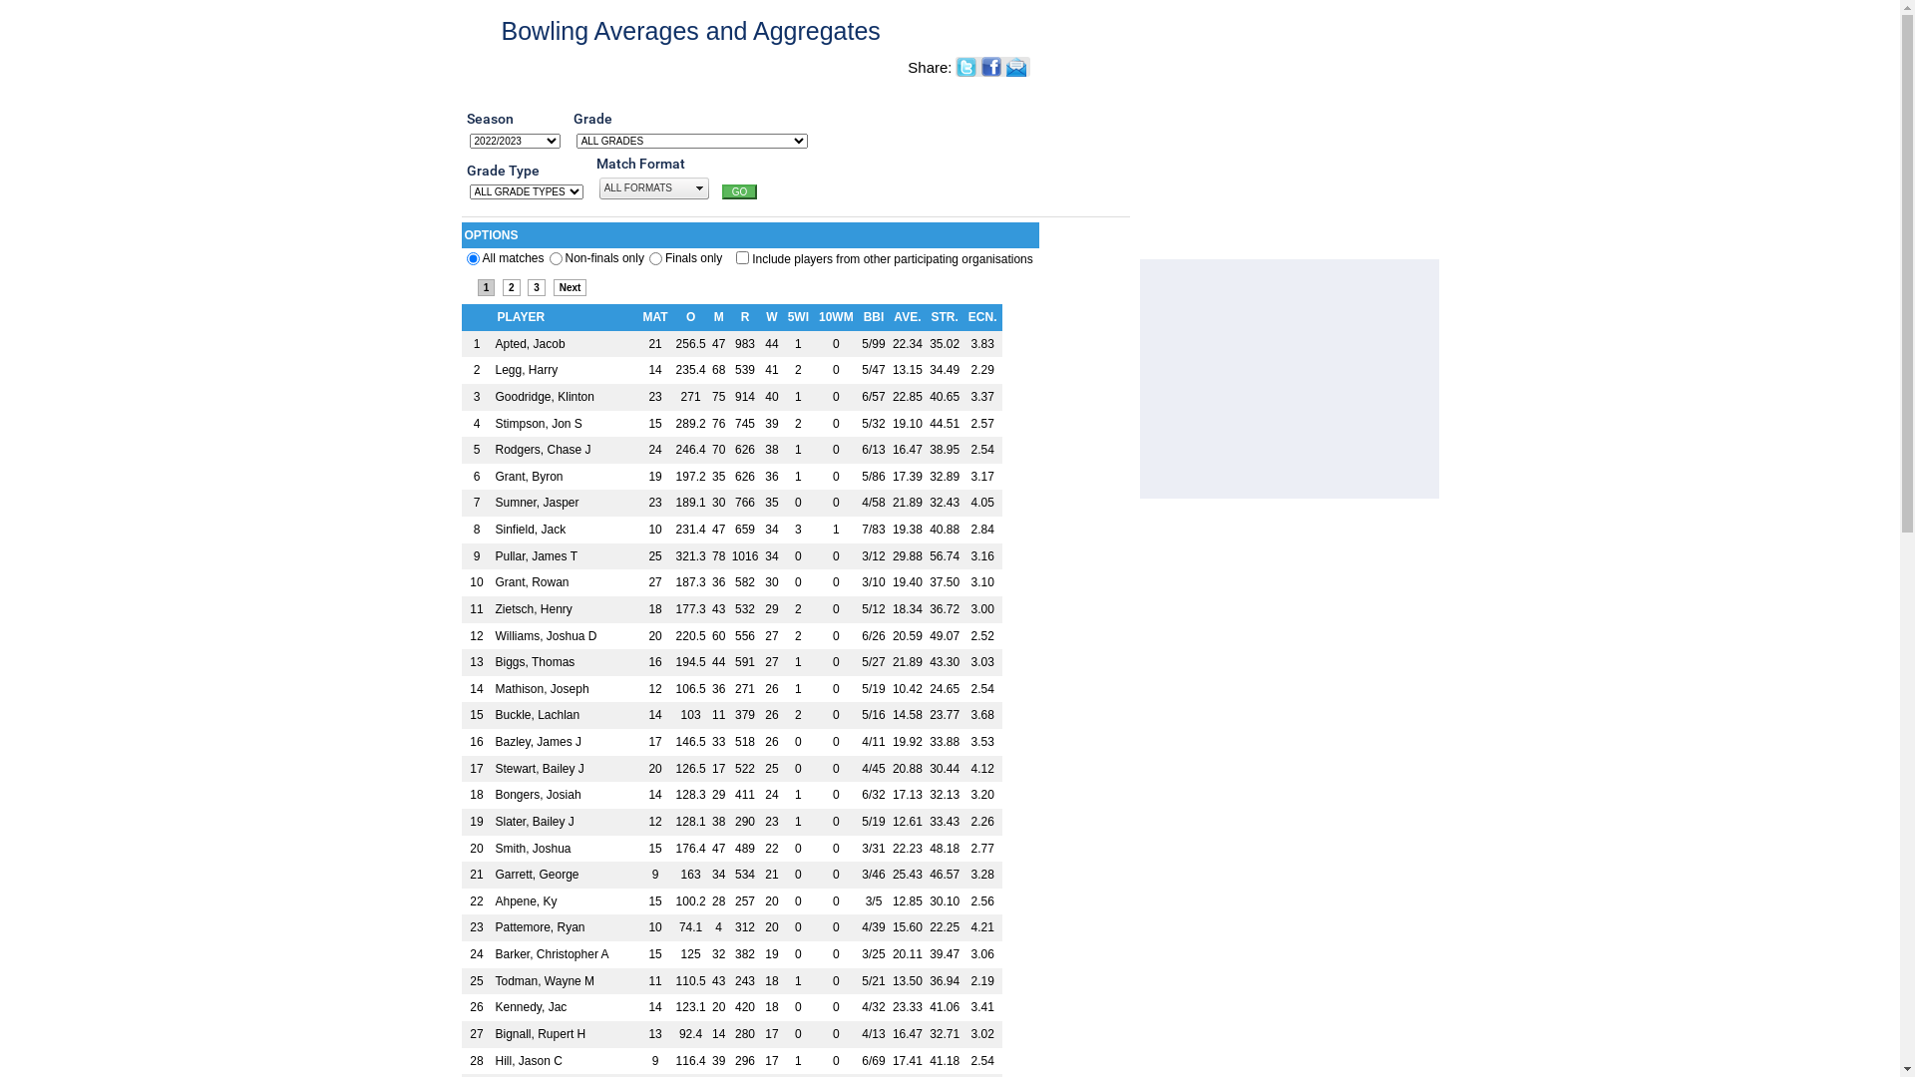 The width and height of the screenshot is (1915, 1077). Describe the element at coordinates (763, 315) in the screenshot. I see `'W'` at that location.